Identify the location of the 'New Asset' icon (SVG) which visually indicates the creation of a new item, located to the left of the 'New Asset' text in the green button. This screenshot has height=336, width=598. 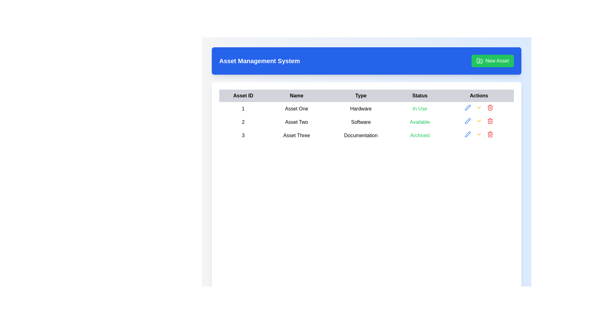
(479, 61).